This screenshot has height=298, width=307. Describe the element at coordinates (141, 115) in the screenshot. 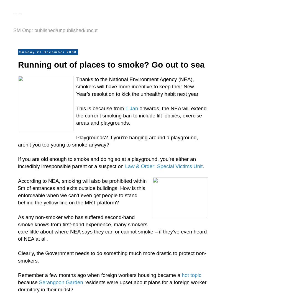

I see `'onwards, the NEA will extend the current smoking ban to include lift lobbies, exercise areas and playgrounds.'` at that location.